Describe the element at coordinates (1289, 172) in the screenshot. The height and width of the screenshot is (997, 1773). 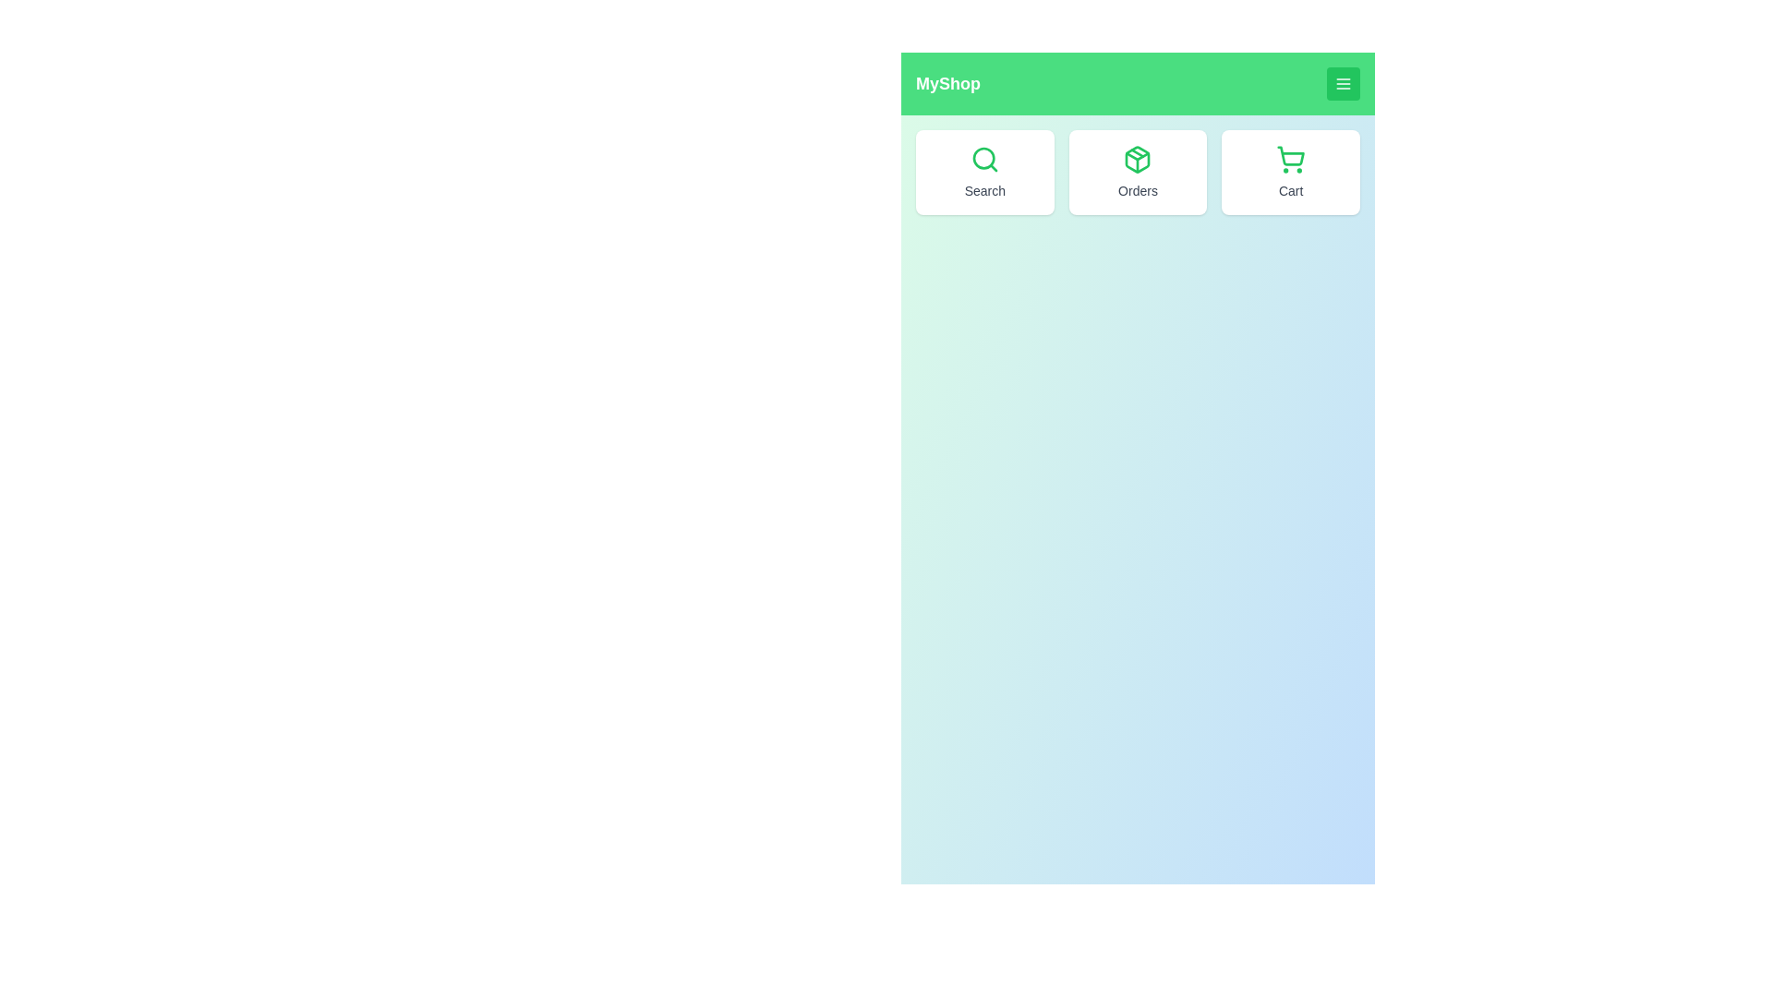
I see `the 'Cart' button to view the cart contents` at that location.